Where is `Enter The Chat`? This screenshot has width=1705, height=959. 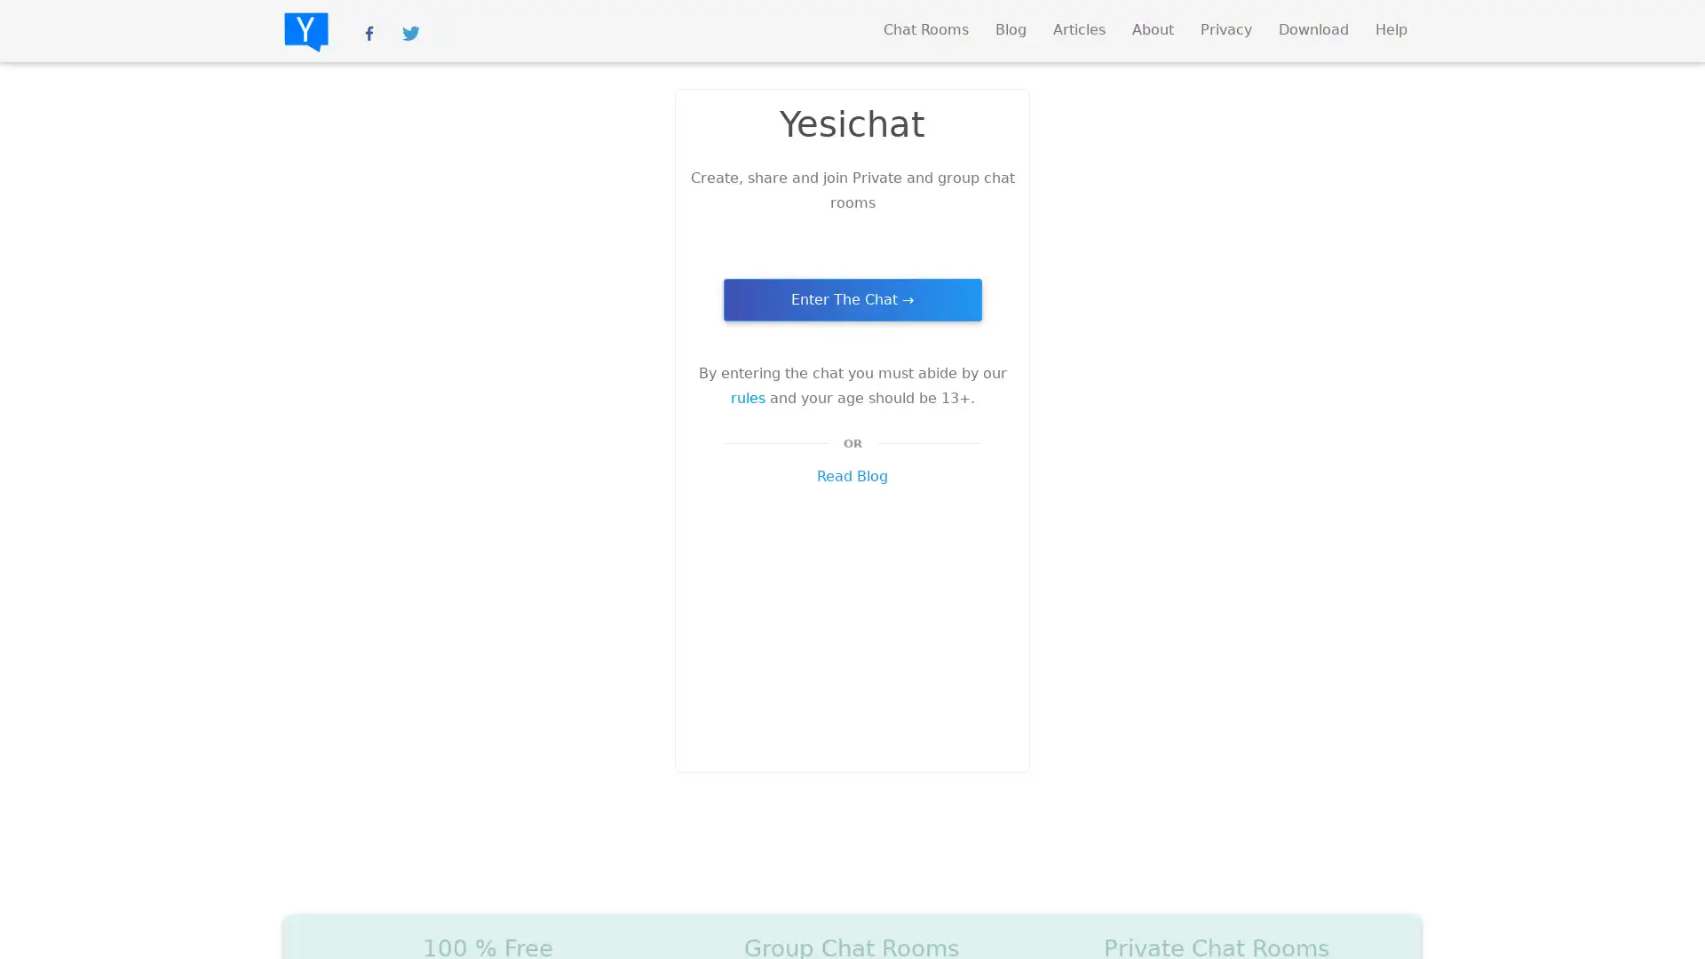 Enter The Chat is located at coordinates (851, 299).